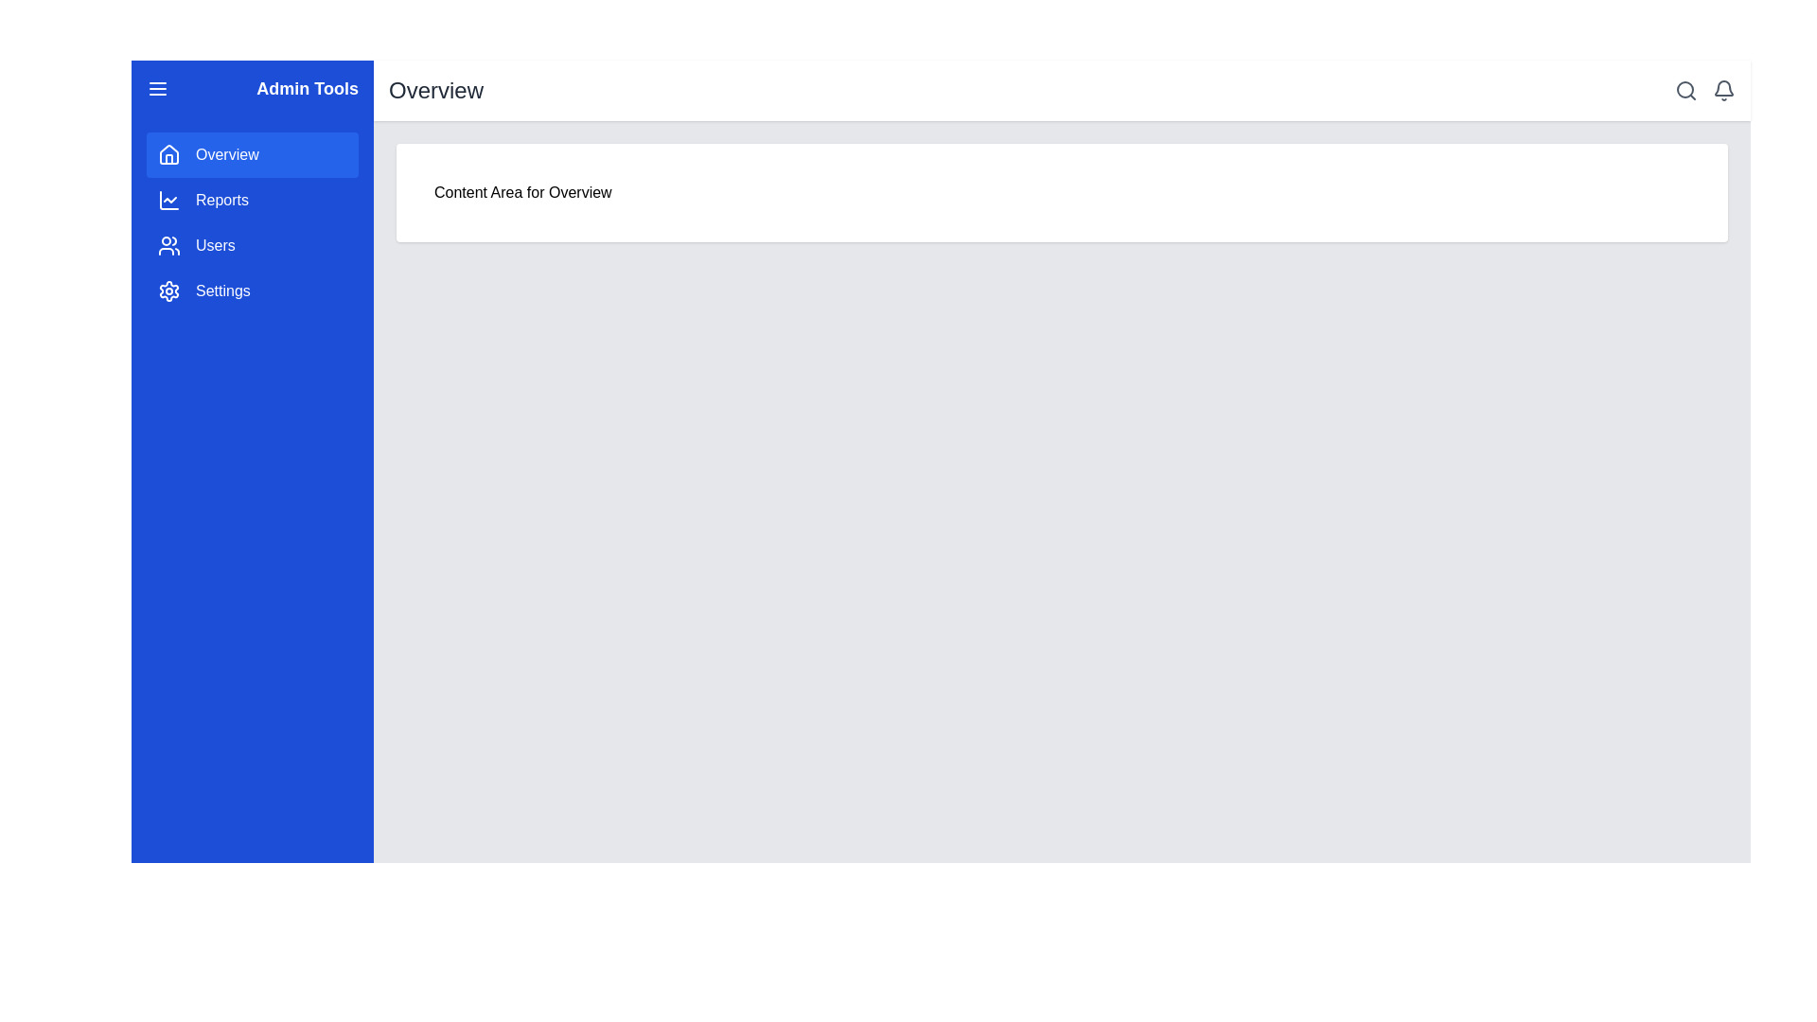  Describe the element at coordinates (168, 201) in the screenshot. I see `the line chart icon located in the 'Reports' entry of the left-side navigation menu, which is directly to the left of the 'Reports' label` at that location.